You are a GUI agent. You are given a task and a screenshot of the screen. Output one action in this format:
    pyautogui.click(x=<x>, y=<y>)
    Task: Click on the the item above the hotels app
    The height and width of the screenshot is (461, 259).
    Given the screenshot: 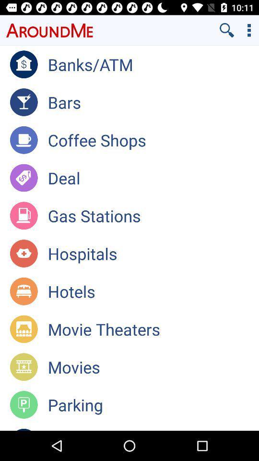 What is the action you would take?
    pyautogui.click(x=153, y=253)
    